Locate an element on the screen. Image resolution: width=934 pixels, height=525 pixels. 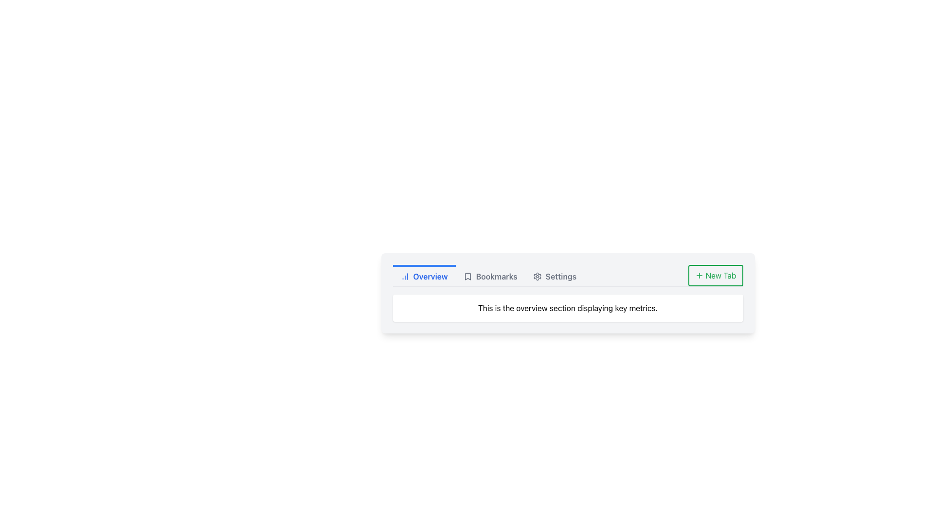
the graphical icon styled as a chart or histogram located to the left of the 'Overview' label in the navigation bar is located at coordinates (405, 277).